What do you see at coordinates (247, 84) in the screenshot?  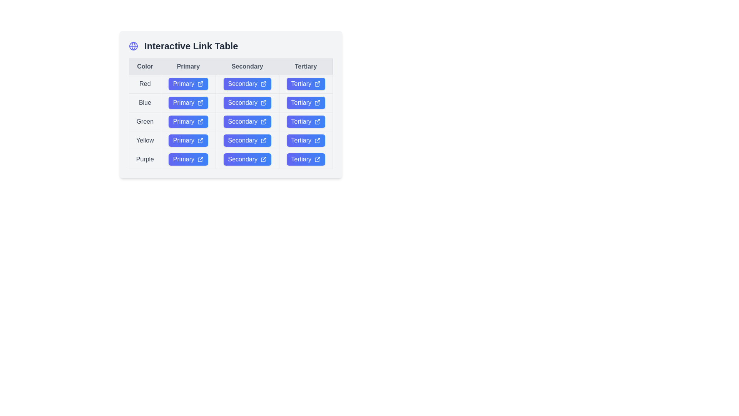 I see `the 'Secondary' button, which is a rectangular button with rounded edges, gradient background from indigo to blue, containing white text 'Secondary' and an external link icon, located` at bounding box center [247, 84].